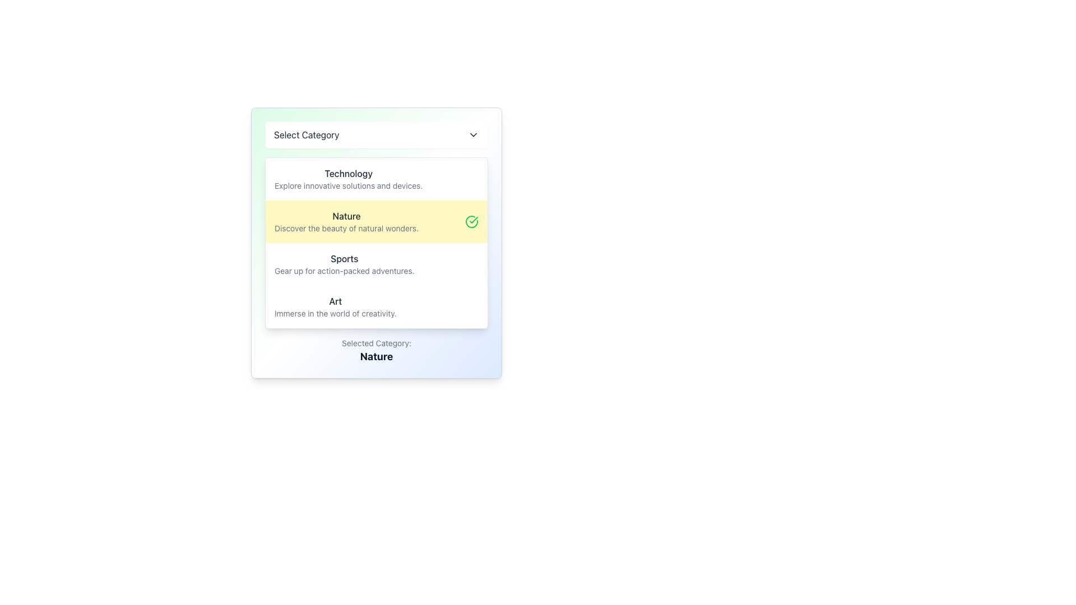 The height and width of the screenshot is (605, 1076). I want to click on the Text Label displaying 'Discover the beauty of natural wonders.' which is located below the title 'Nature' in the dropdown list under 'Select Category.', so click(346, 228).